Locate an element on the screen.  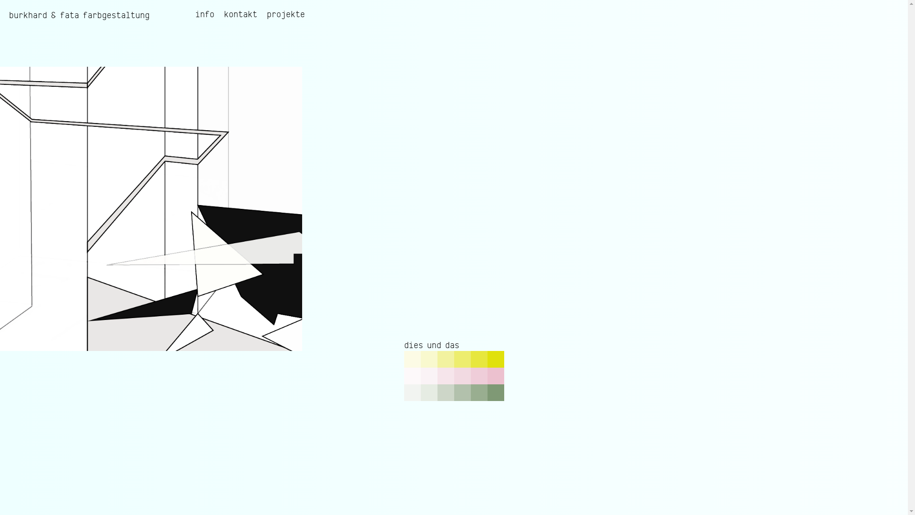
'burkhard & fata farbgestaltung' is located at coordinates (79, 16).